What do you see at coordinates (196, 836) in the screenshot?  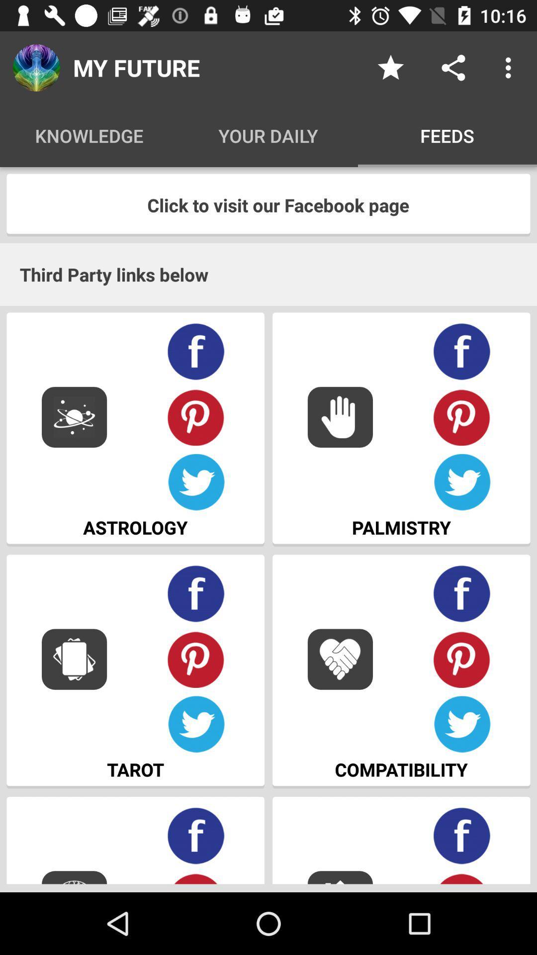 I see `the facebook link` at bounding box center [196, 836].